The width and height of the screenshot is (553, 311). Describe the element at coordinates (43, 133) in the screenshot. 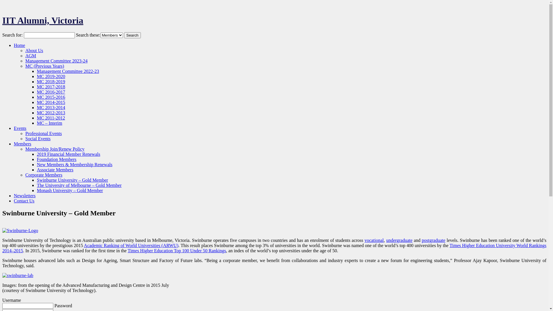

I see `'Professional Events'` at that location.